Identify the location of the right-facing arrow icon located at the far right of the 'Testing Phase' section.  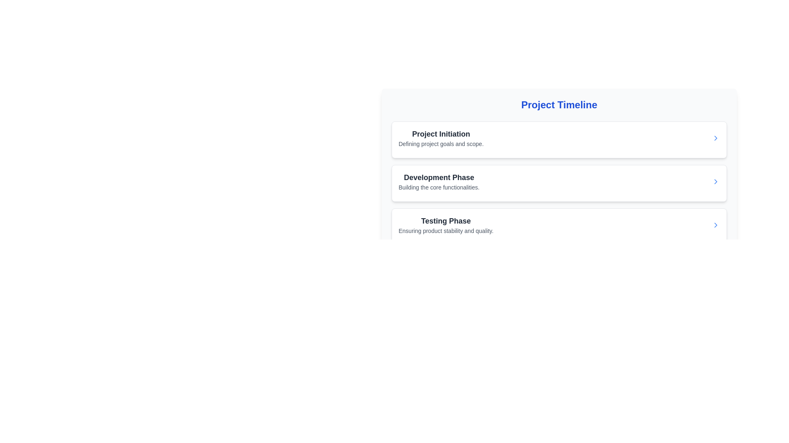
(715, 225).